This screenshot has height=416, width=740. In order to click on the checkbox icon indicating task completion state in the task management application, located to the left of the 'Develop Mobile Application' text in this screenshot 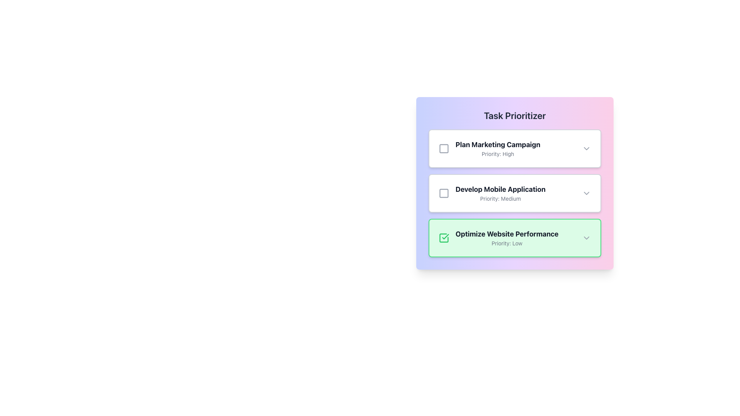, I will do `click(444, 193)`.